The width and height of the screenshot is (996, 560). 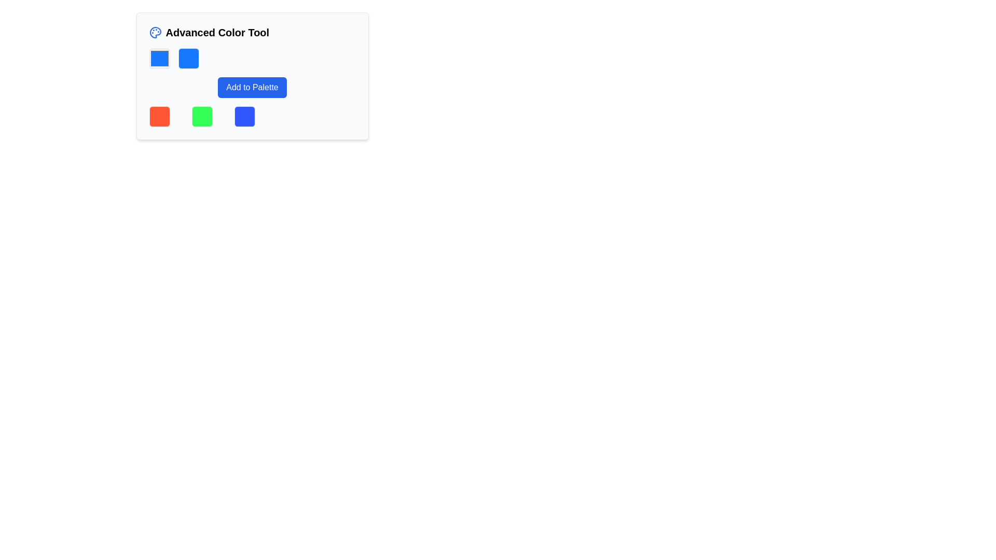 I want to click on the blue square color swatch located at the bottom-right of the grid, which is the third element in a row of three elements, so click(x=244, y=116).